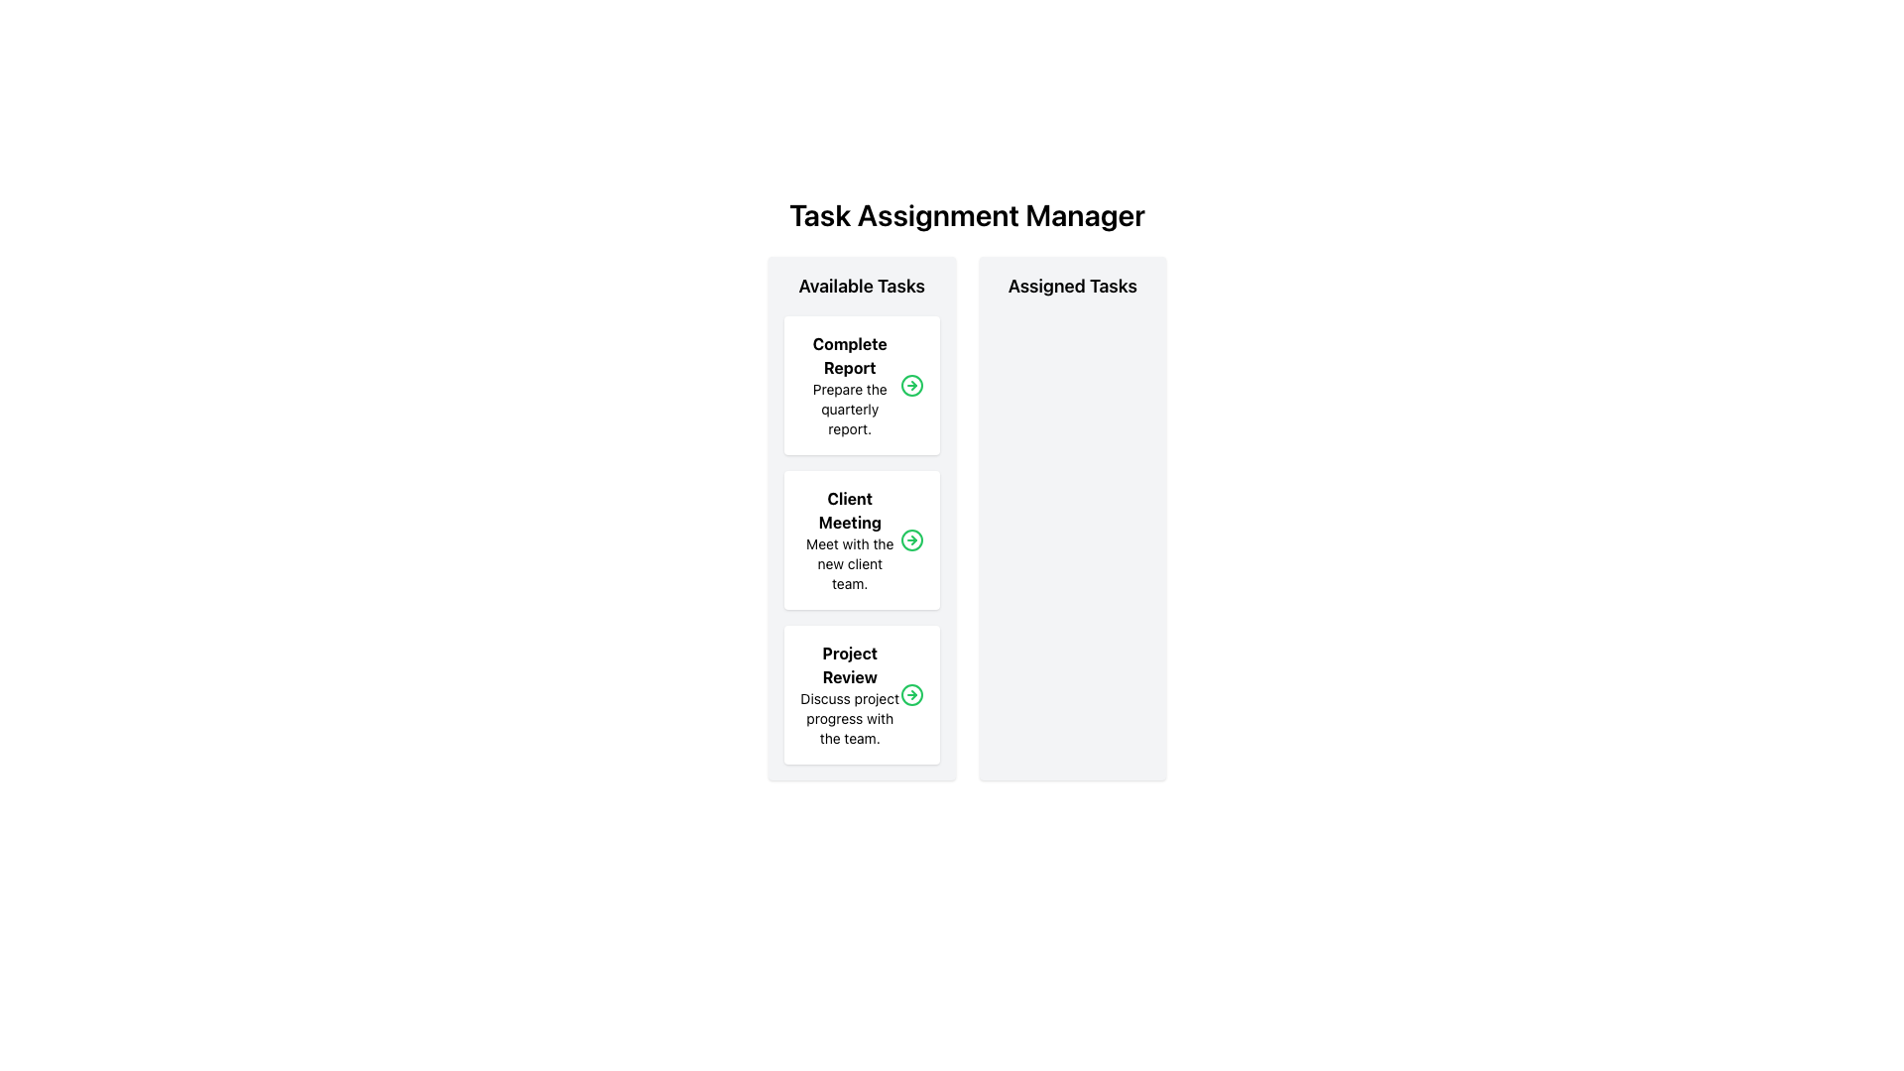  Describe the element at coordinates (910, 539) in the screenshot. I see `the decorative boundary of the circular arrow icon indicating a clickable action in the 'Client Meeting' task card within the 'Available Tasks' section` at that location.